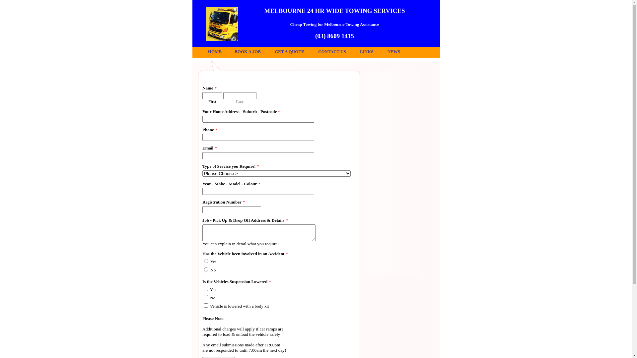 The width and height of the screenshot is (637, 358). Describe the element at coordinates (275, 51) in the screenshot. I see `'GET A QUOTE'` at that location.